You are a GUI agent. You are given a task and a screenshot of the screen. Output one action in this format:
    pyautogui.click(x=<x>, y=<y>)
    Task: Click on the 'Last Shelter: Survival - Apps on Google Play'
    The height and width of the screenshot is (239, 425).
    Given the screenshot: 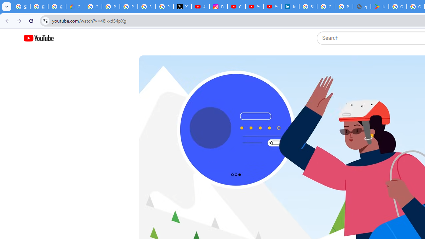 What is the action you would take?
    pyautogui.click(x=380, y=7)
    